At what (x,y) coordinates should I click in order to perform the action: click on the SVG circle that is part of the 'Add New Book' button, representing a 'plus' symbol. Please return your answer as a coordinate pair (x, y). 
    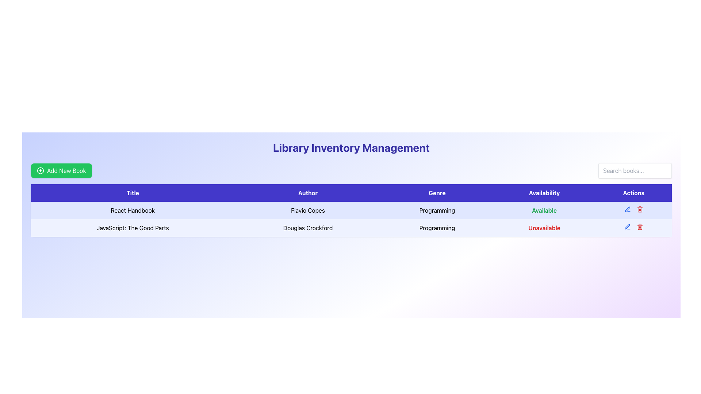
    Looking at the image, I should click on (40, 170).